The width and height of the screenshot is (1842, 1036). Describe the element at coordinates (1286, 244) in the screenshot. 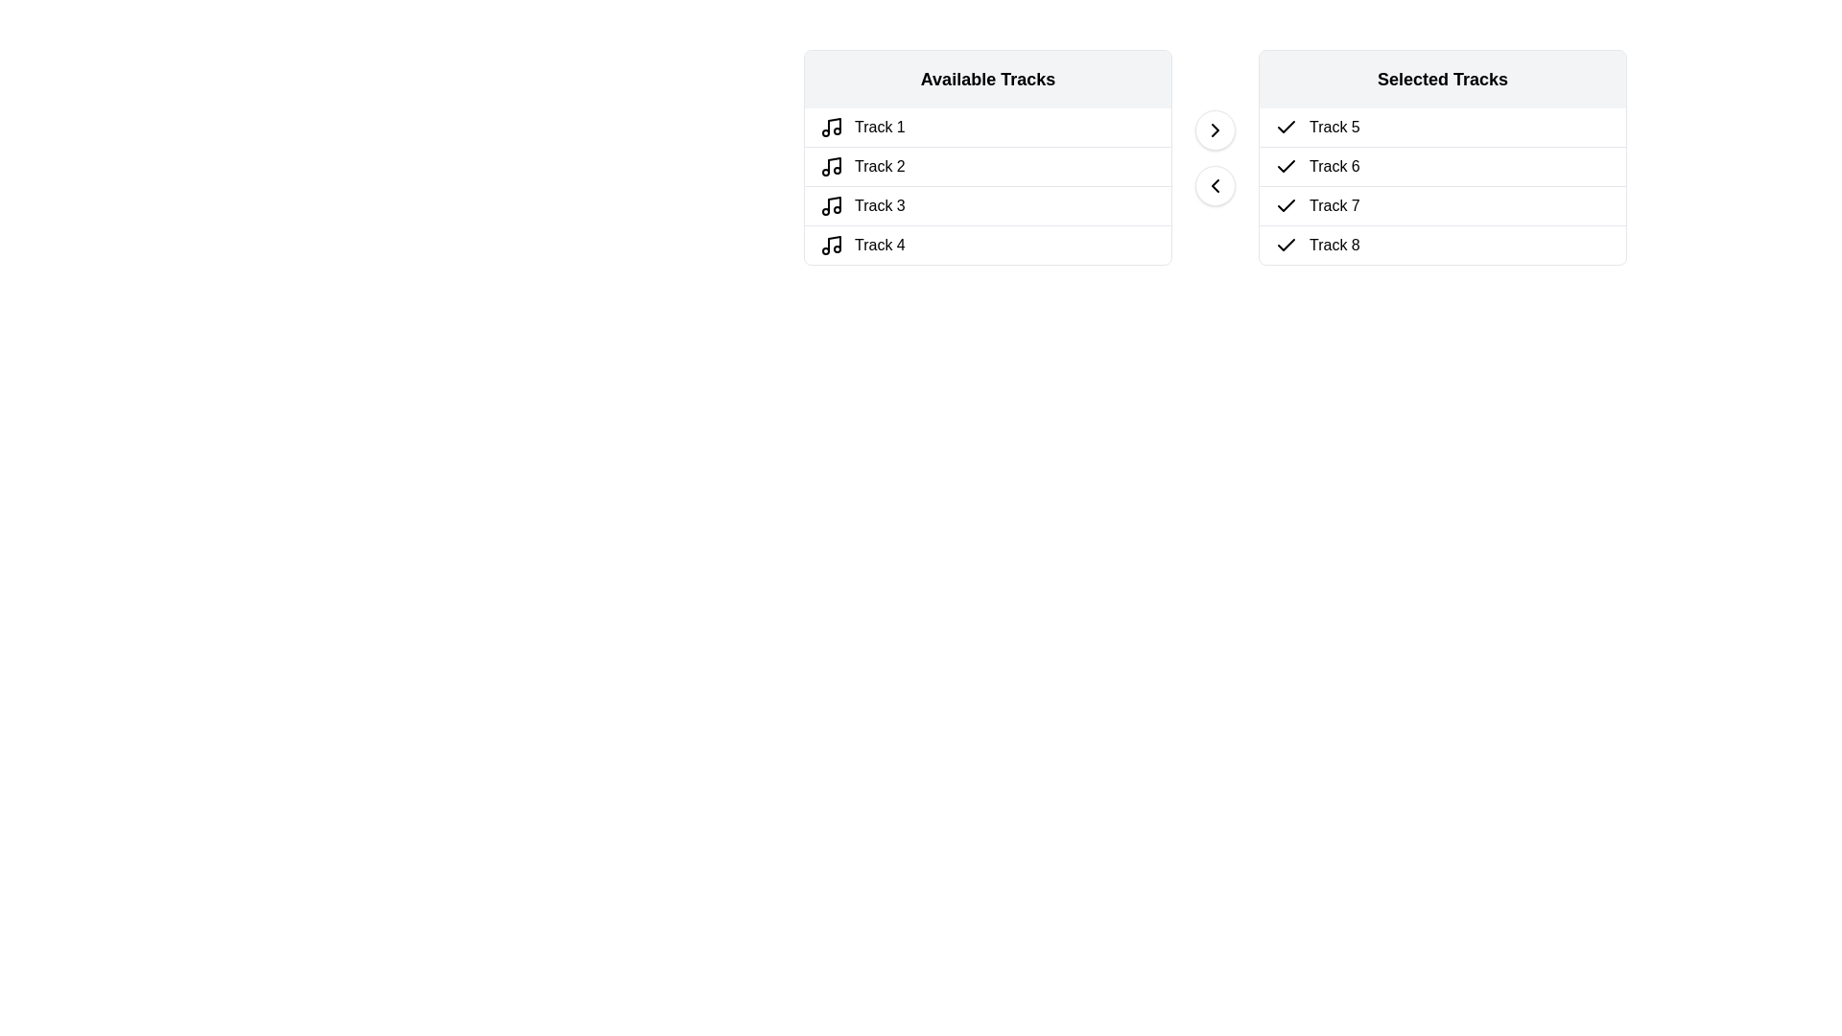

I see `the checkmark icon located in the 'Track 8' row of the 'Selected Tracks' list` at that location.